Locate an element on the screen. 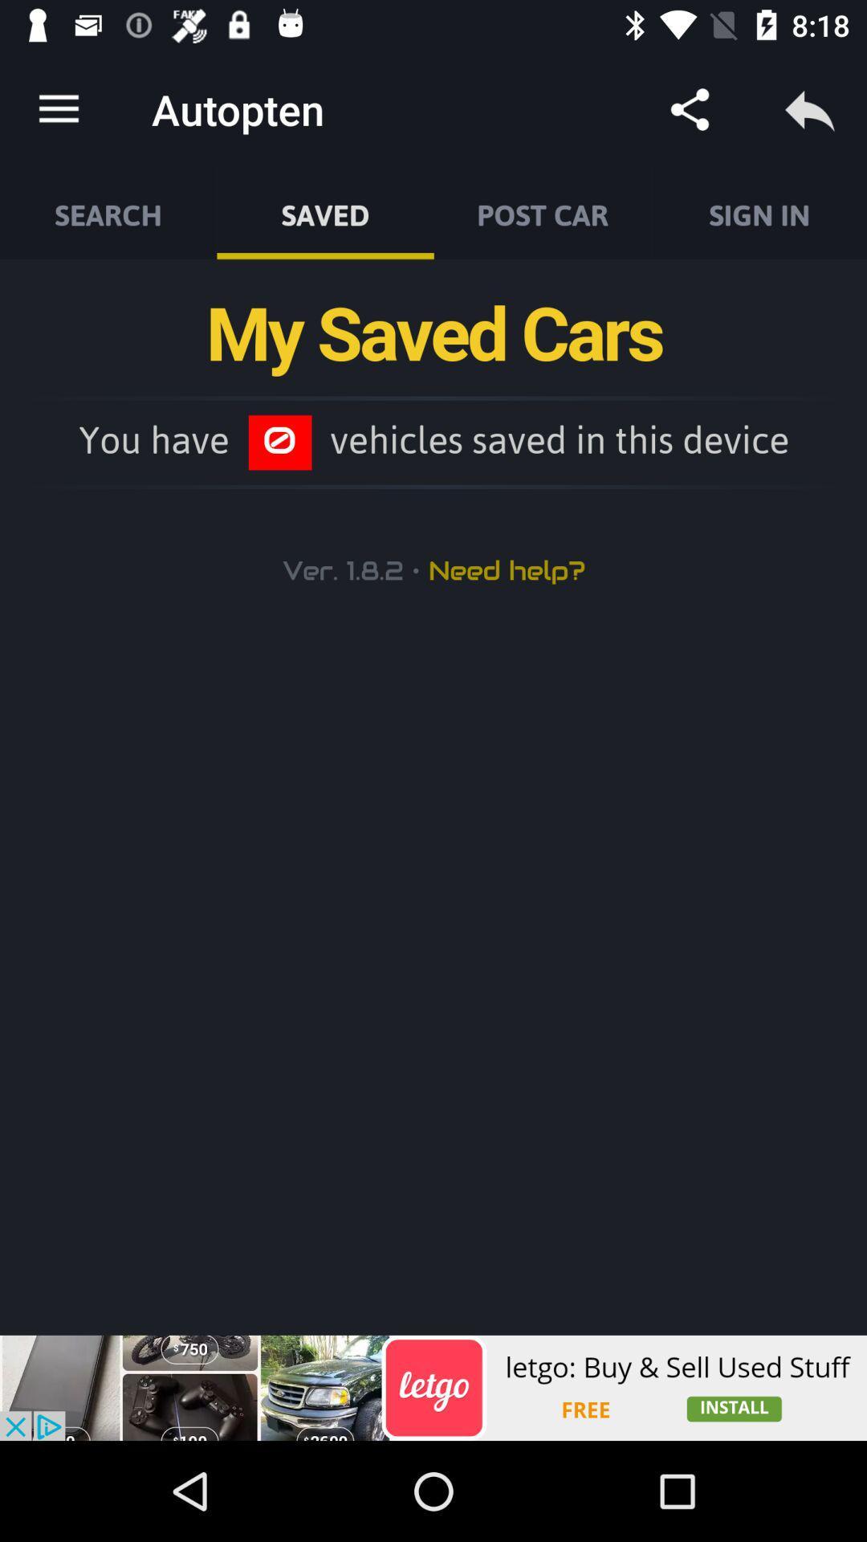 This screenshot has height=1542, width=867. open advertisement is located at coordinates (433, 1387).